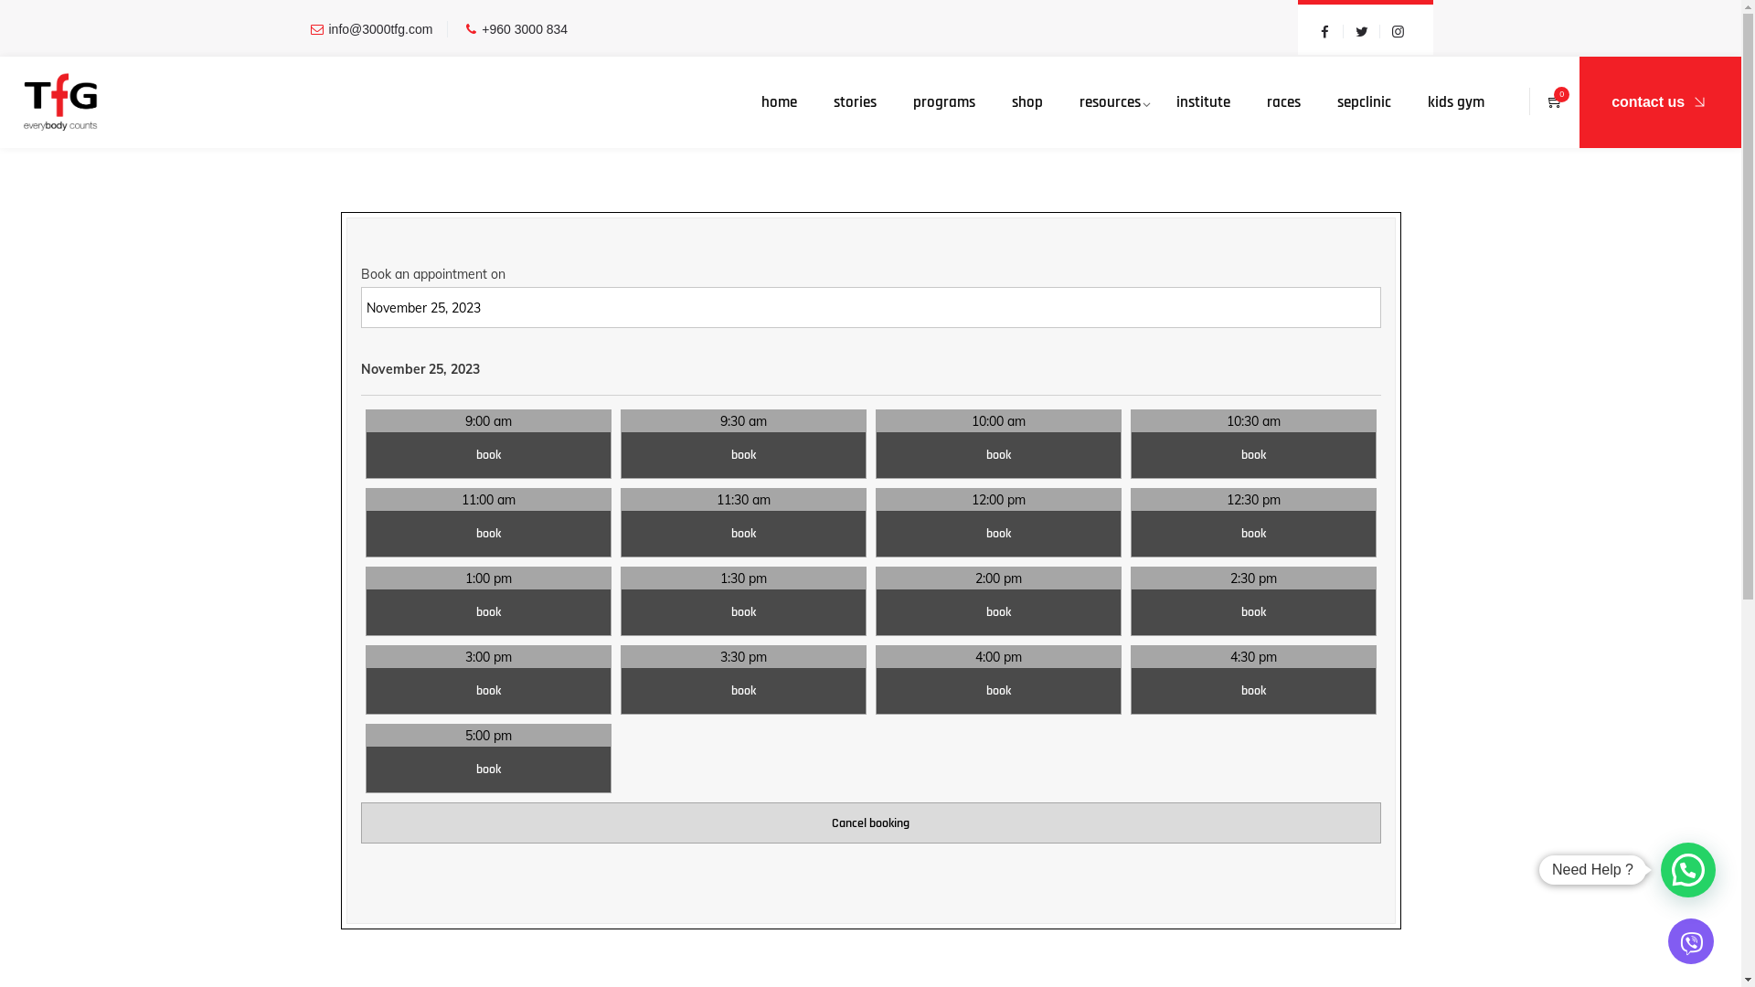  Describe the element at coordinates (1203, 101) in the screenshot. I see `'institute'` at that location.